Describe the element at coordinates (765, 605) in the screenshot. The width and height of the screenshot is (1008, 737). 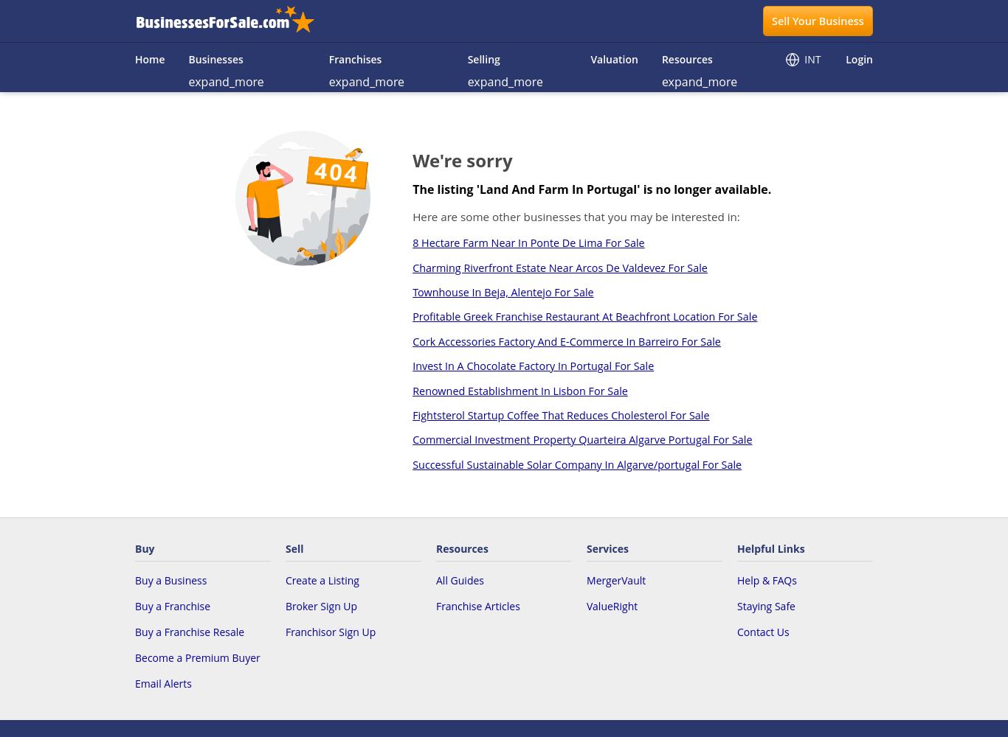
I see `'Staying Safe'` at that location.